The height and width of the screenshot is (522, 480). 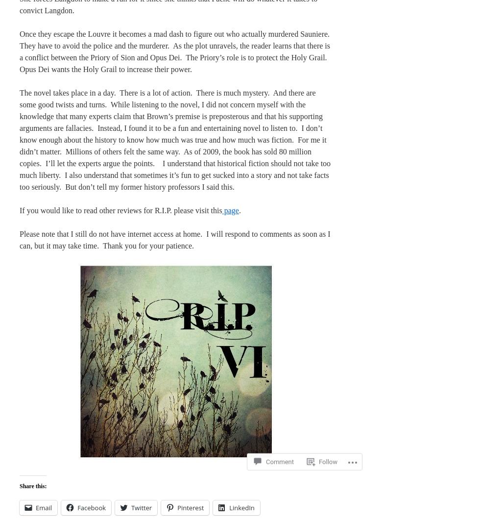 What do you see at coordinates (240, 210) in the screenshot?
I see `'.'` at bounding box center [240, 210].